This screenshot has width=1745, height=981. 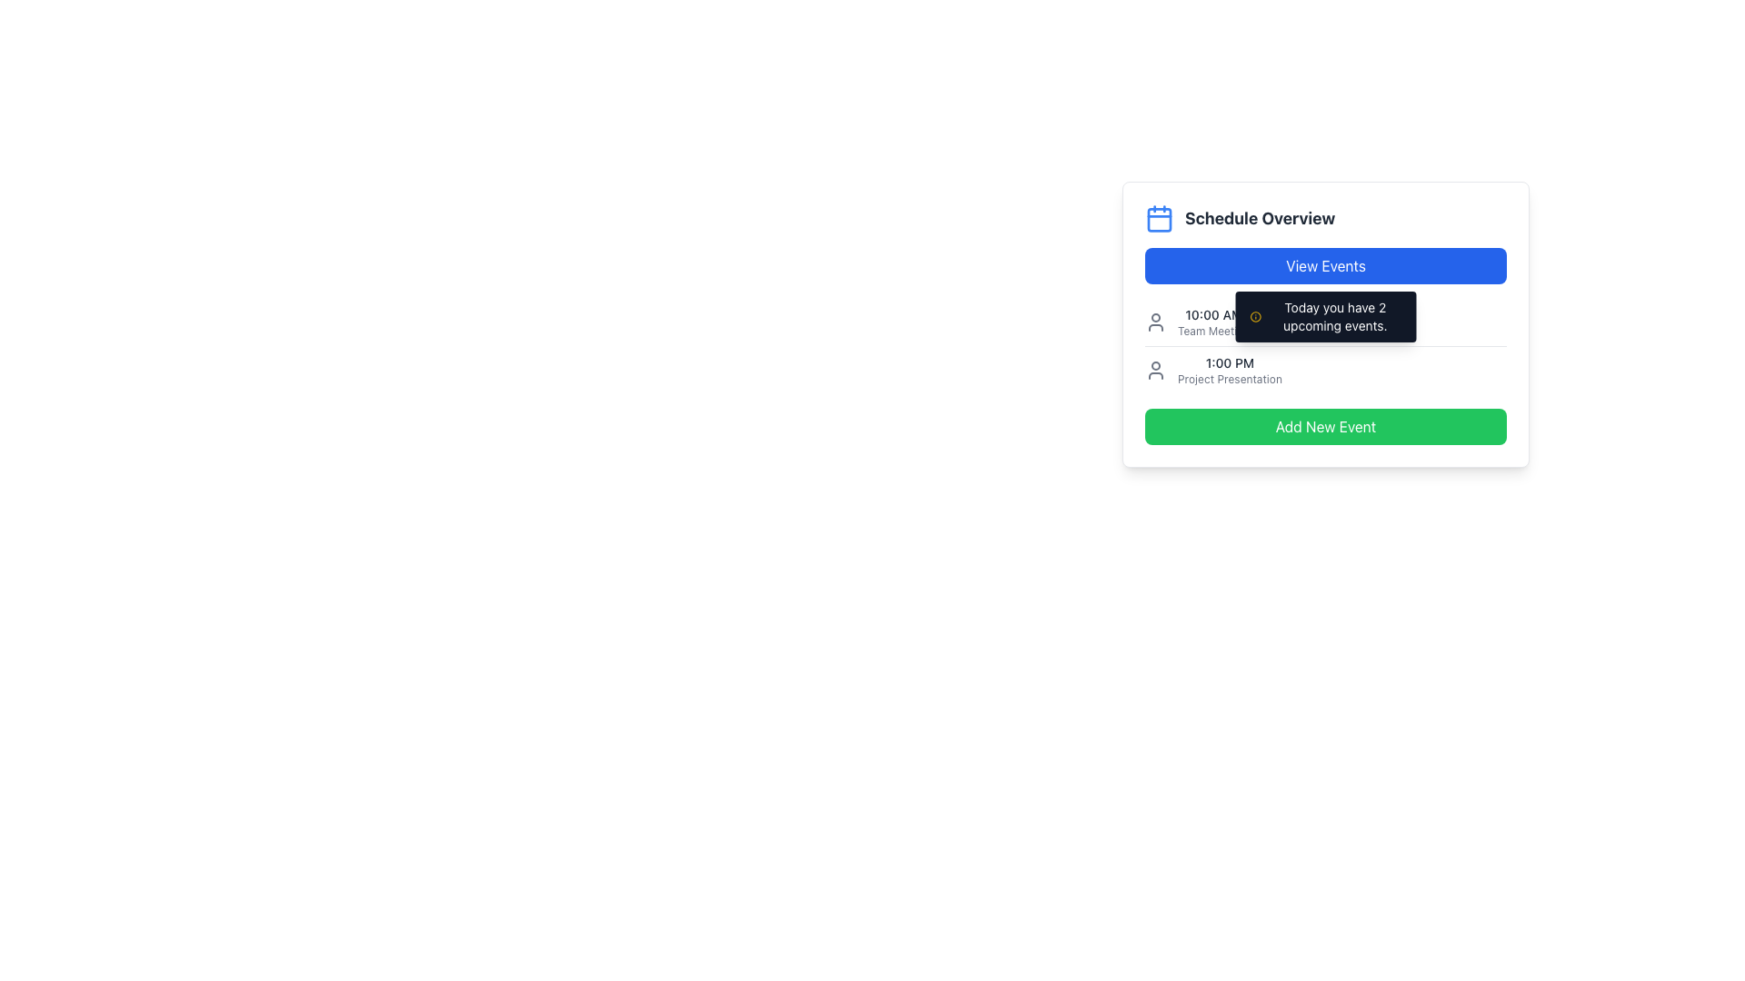 What do you see at coordinates (1213, 314) in the screenshot?
I see `the Text Label displaying '10:00 AM' in black font, located at the top-left of the Schedule Overview card, above 'Team Meeting'` at bounding box center [1213, 314].